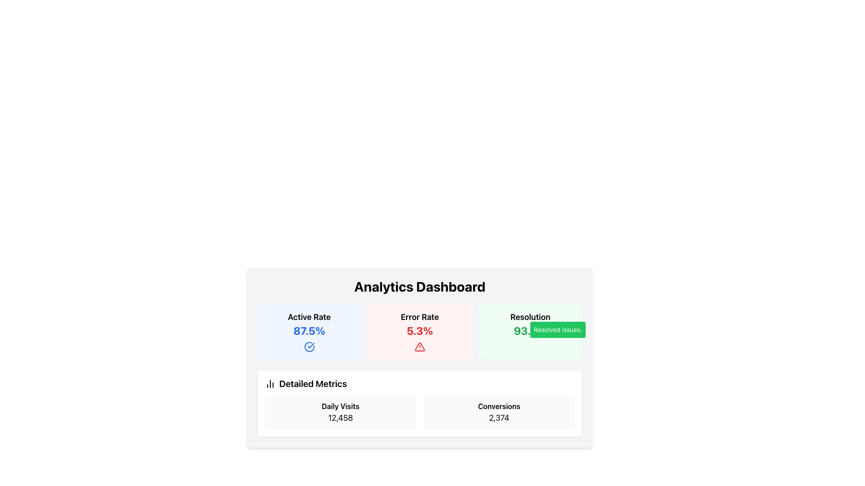 Image resolution: width=865 pixels, height=486 pixels. Describe the element at coordinates (419, 346) in the screenshot. I see `the triangular warning icon with a red border and white fill located in the 'Error Rate' section of the interface, positioned between 'Active Rate' and 'Resolution'` at that location.